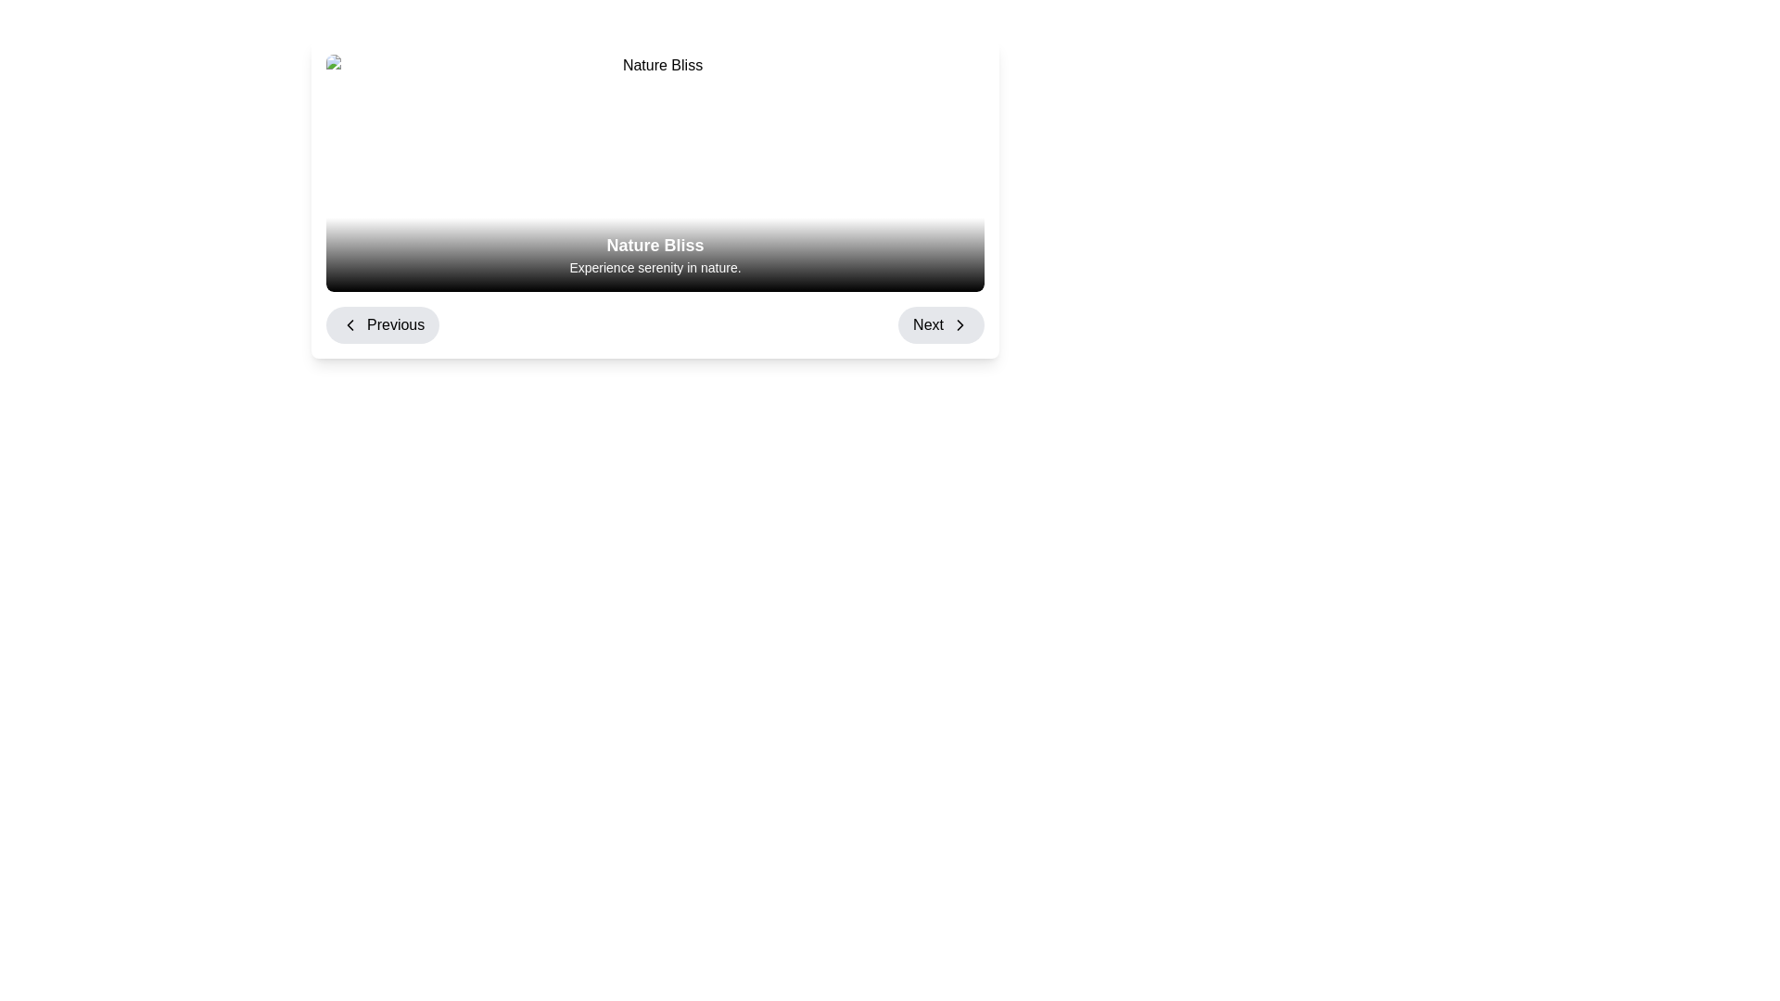  I want to click on the 'Next' button for navigation, so click(928, 324).